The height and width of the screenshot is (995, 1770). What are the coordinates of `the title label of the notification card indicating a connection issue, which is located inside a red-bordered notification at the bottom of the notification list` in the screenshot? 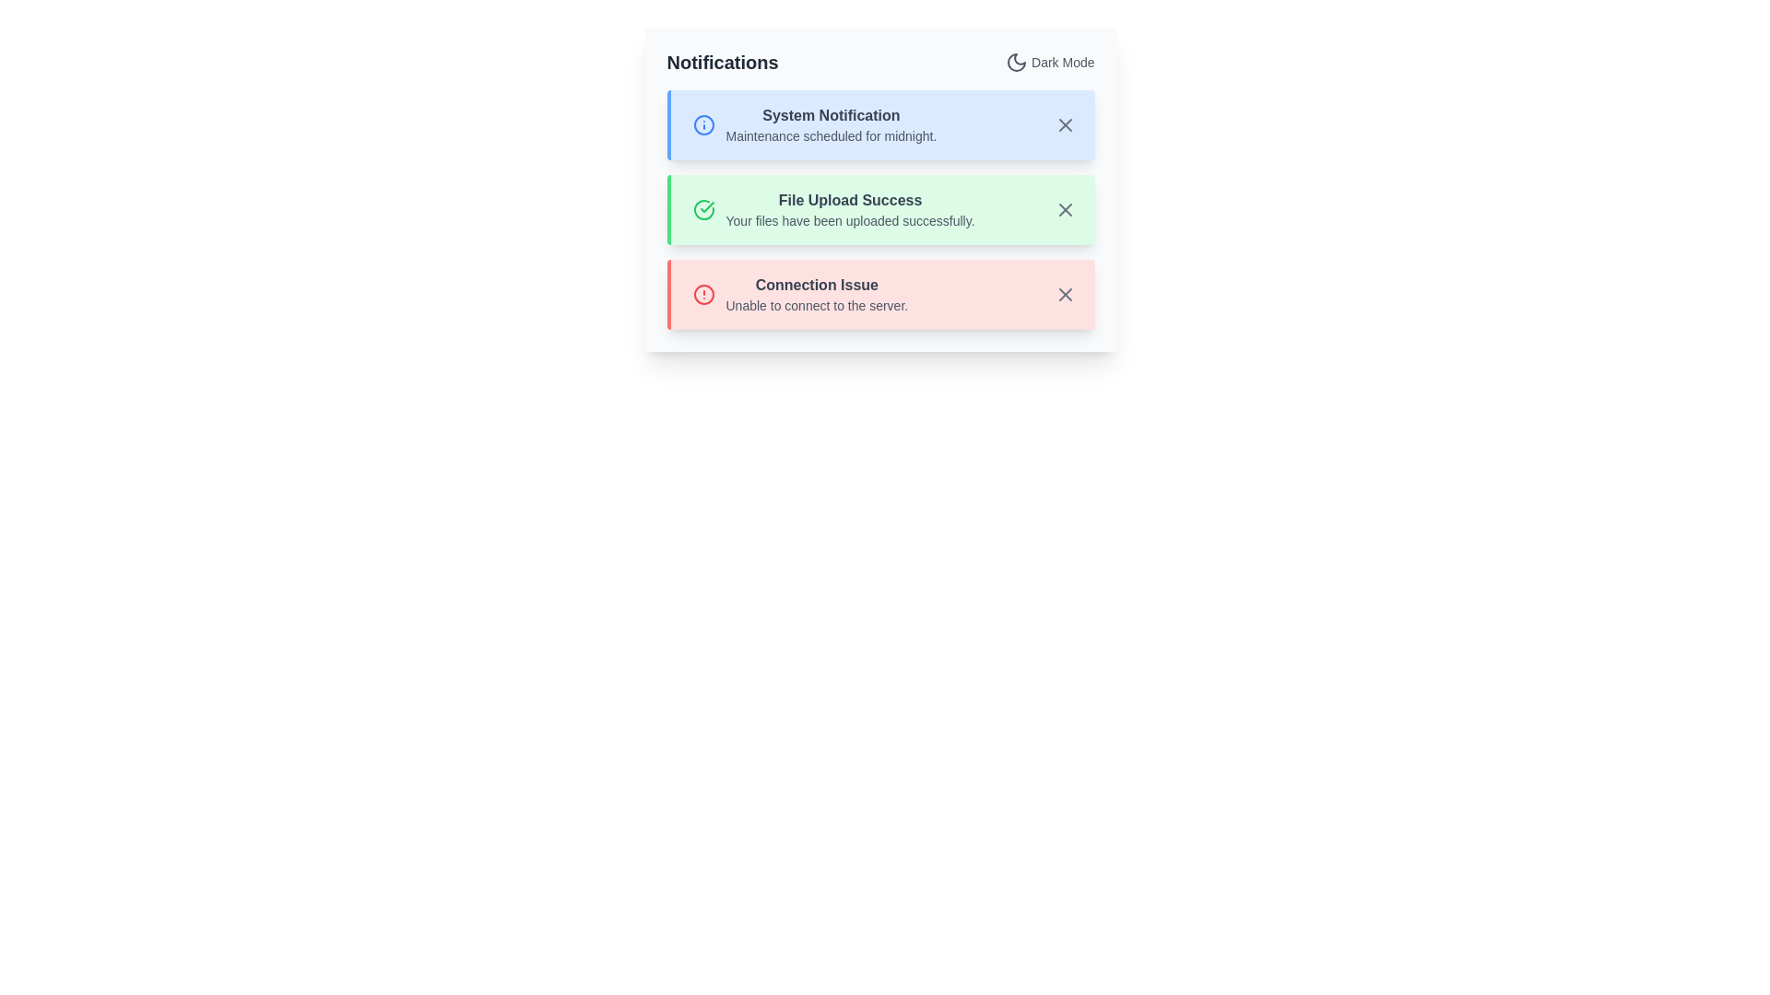 It's located at (816, 285).